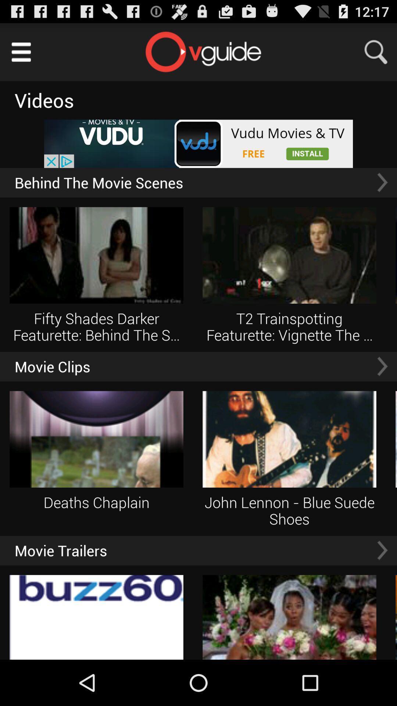 The image size is (397, 706). What do you see at coordinates (382, 366) in the screenshot?
I see `go next` at bounding box center [382, 366].